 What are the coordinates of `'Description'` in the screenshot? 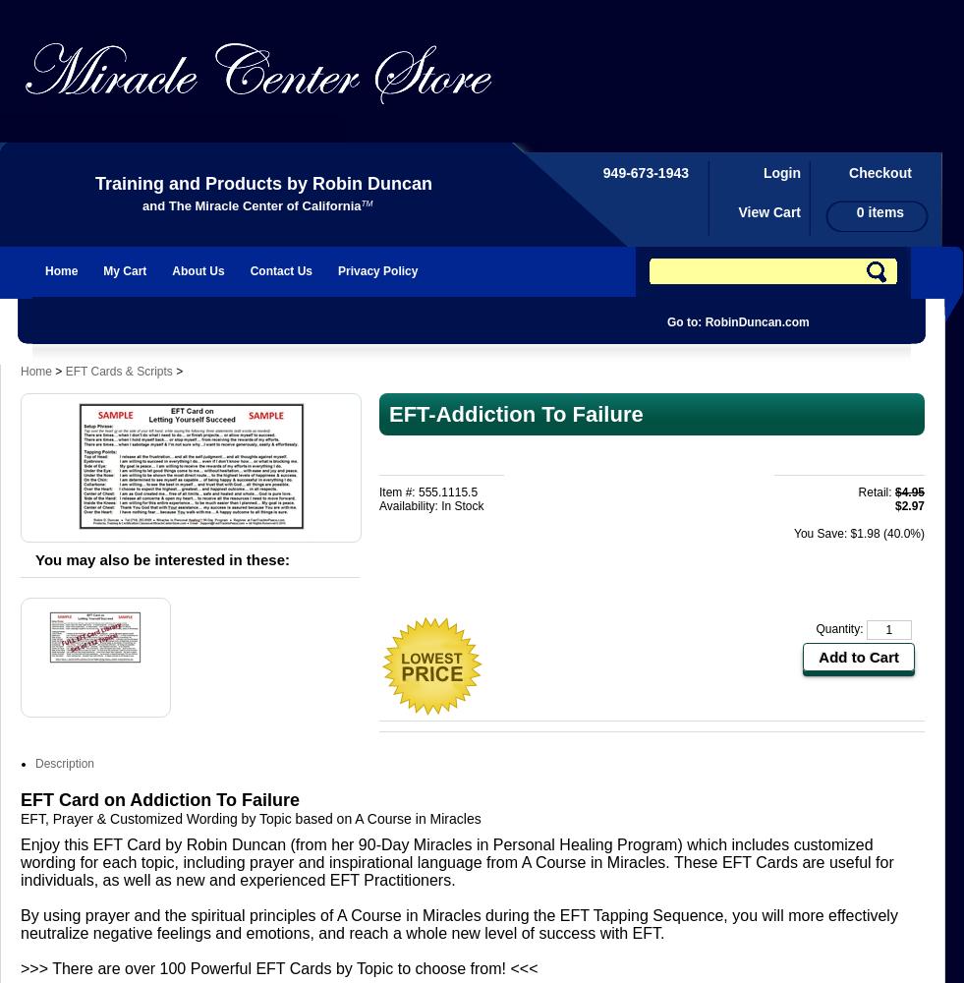 It's located at (64, 764).